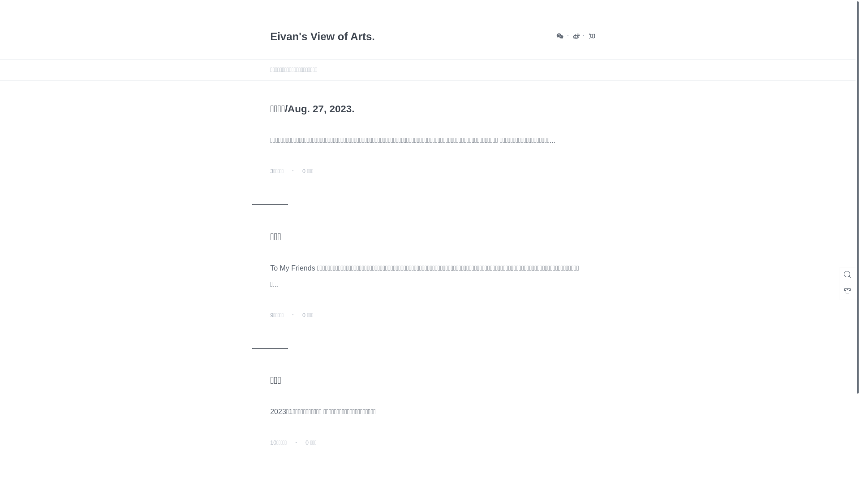 The image size is (860, 483). Describe the element at coordinates (572, 35) in the screenshot. I see `'Weibo'` at that location.